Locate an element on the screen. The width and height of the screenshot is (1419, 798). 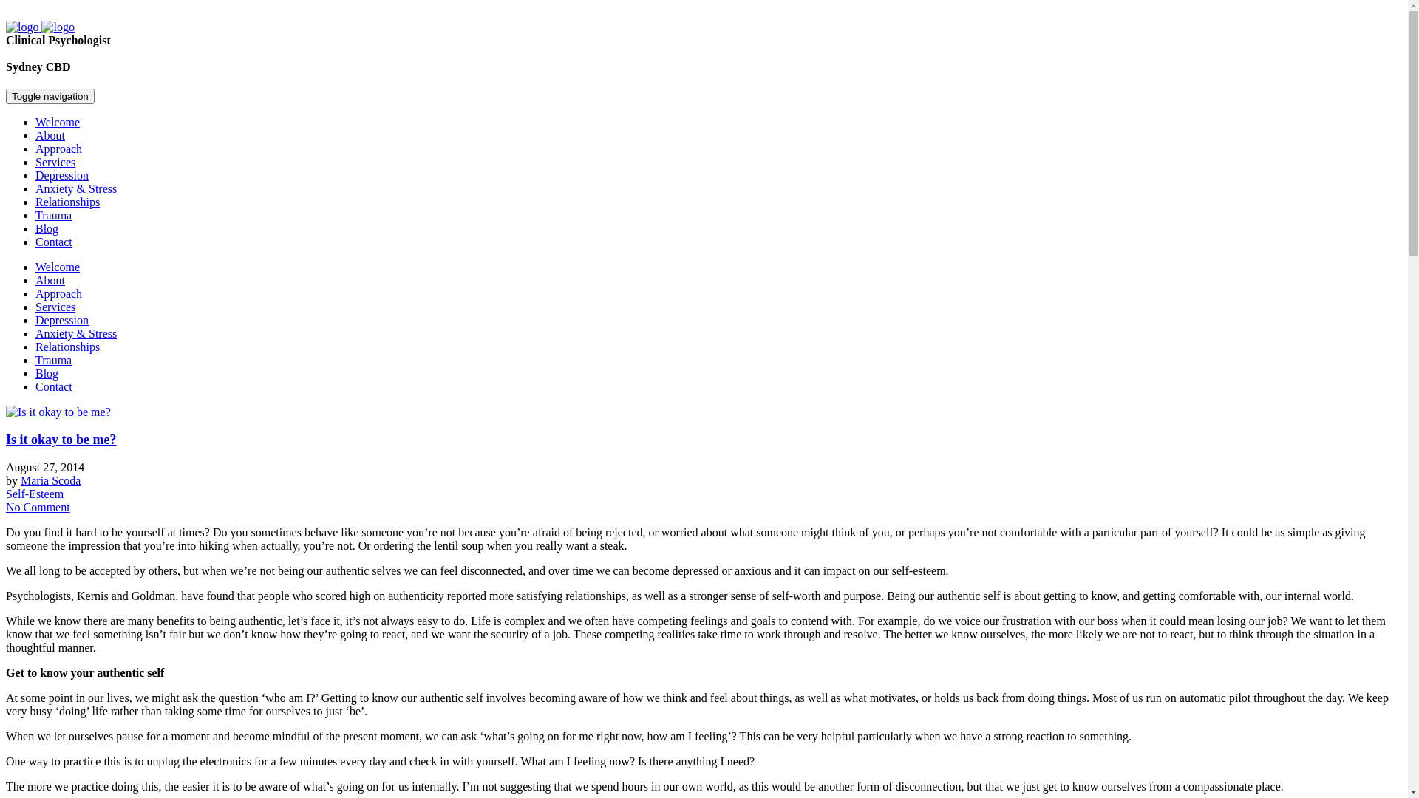
'Relationships' is located at coordinates (67, 347).